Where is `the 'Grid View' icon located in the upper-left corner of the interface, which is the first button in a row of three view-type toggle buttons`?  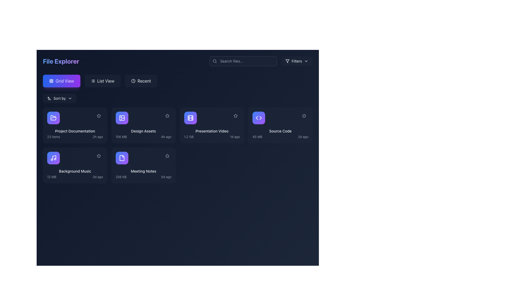 the 'Grid View' icon located in the upper-left corner of the interface, which is the first button in a row of three view-type toggle buttons is located at coordinates (51, 81).